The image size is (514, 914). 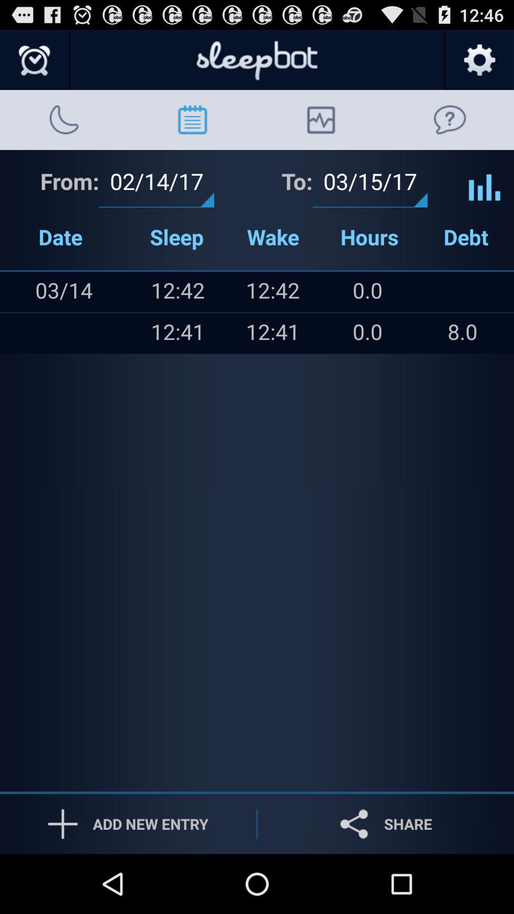 What do you see at coordinates (479, 64) in the screenshot?
I see `the settings icon` at bounding box center [479, 64].